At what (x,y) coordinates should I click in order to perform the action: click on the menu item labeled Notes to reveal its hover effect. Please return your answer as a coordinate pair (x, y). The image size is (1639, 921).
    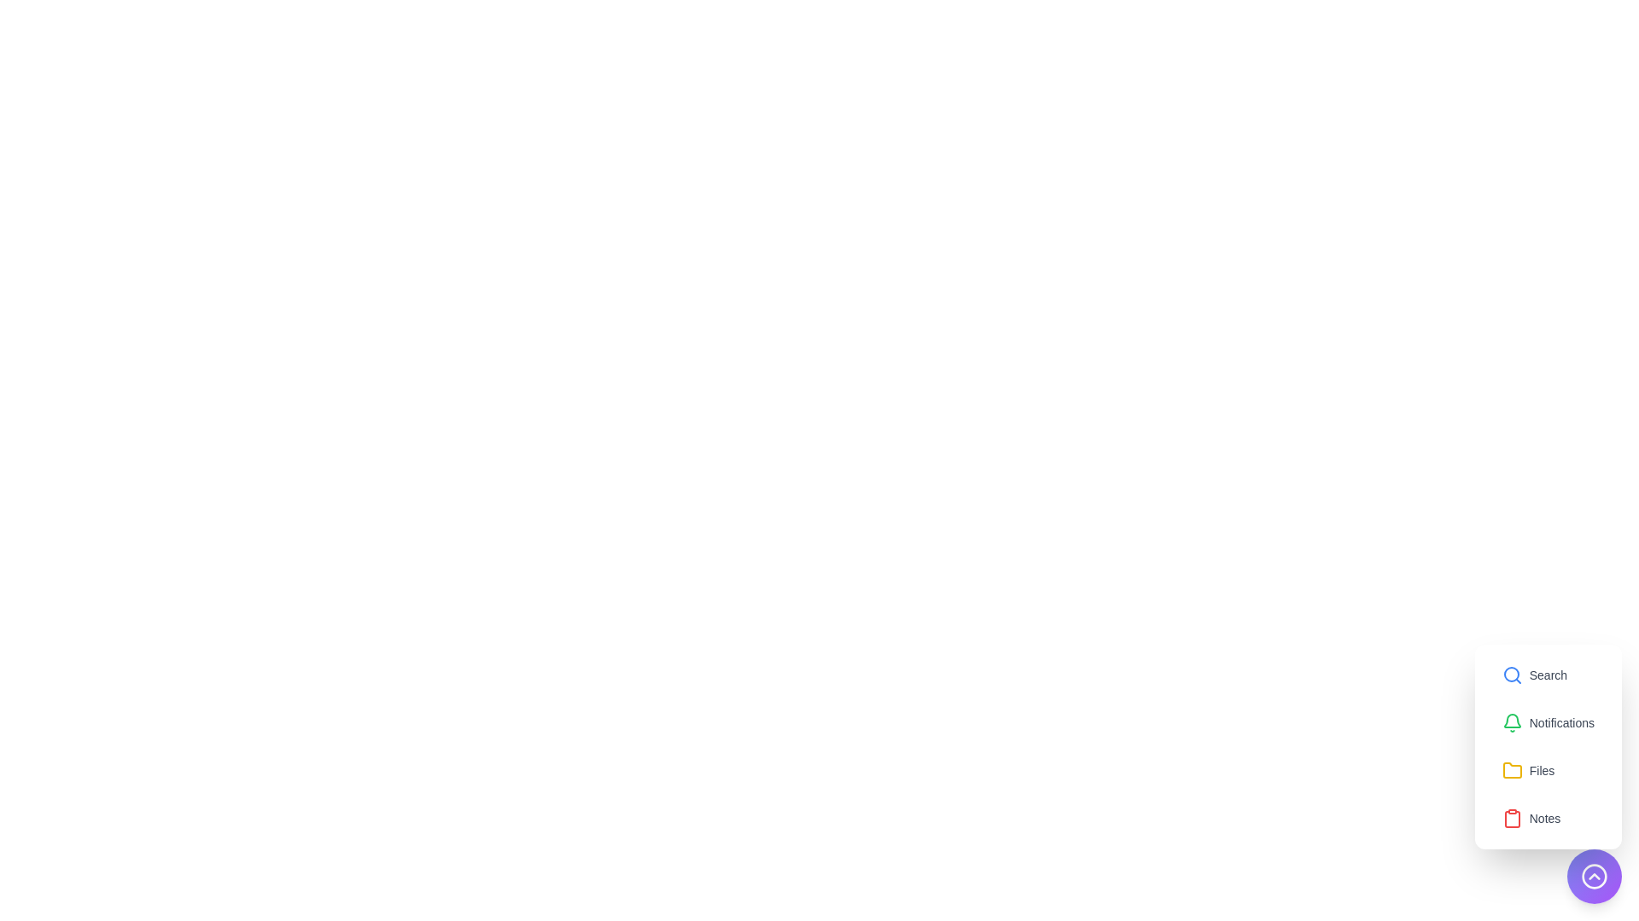
    Looking at the image, I should click on (1531, 818).